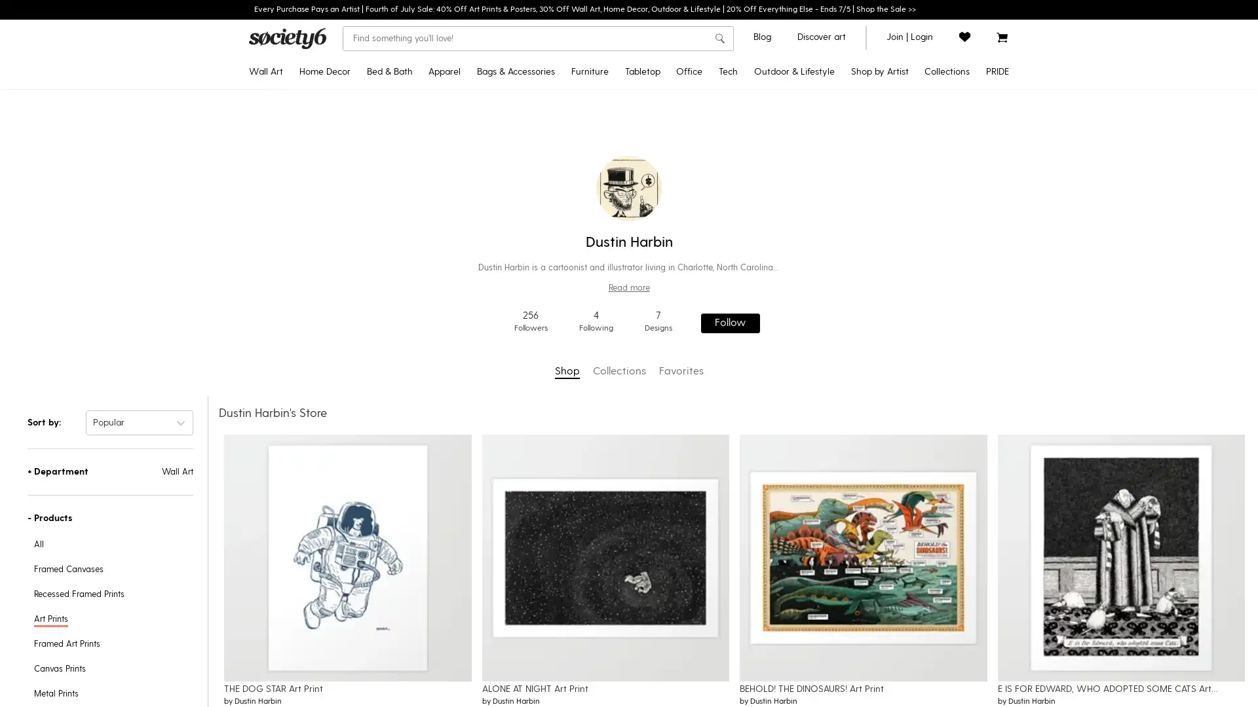  I want to click on Yoga Towels, so click(811, 147).